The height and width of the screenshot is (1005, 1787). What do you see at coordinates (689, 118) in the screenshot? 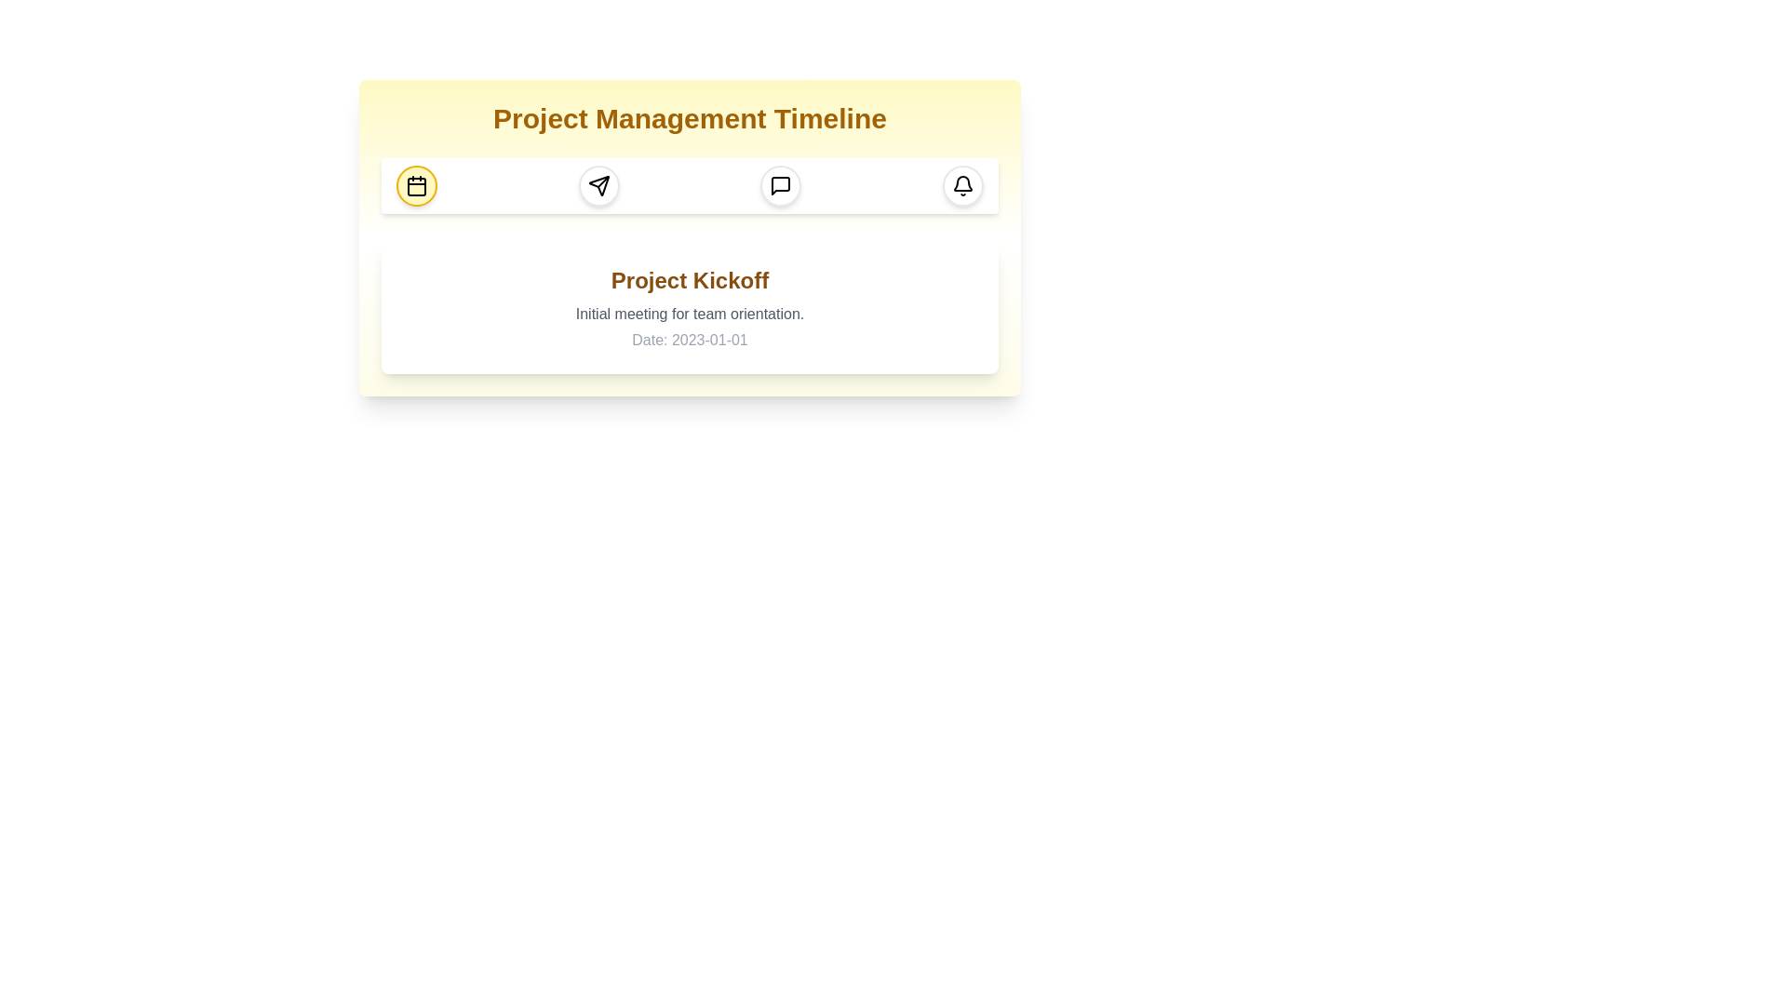
I see `the Text Header element which indicates the context of the project management timeline` at bounding box center [689, 118].